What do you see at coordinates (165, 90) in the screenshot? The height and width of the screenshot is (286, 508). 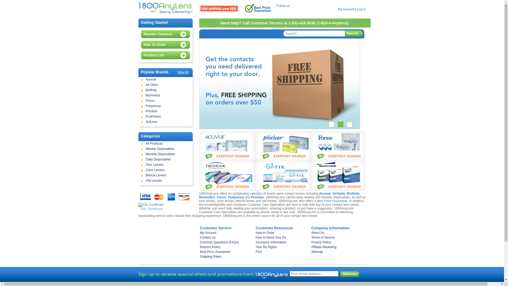 I see `'Biofinity'` at bounding box center [165, 90].